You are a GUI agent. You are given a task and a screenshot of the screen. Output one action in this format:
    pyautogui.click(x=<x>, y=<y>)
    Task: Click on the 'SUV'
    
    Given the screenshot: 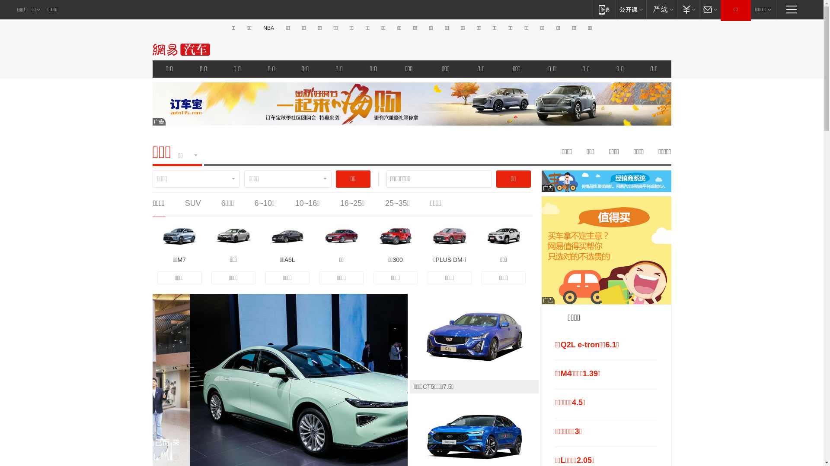 What is the action you would take?
    pyautogui.click(x=184, y=203)
    